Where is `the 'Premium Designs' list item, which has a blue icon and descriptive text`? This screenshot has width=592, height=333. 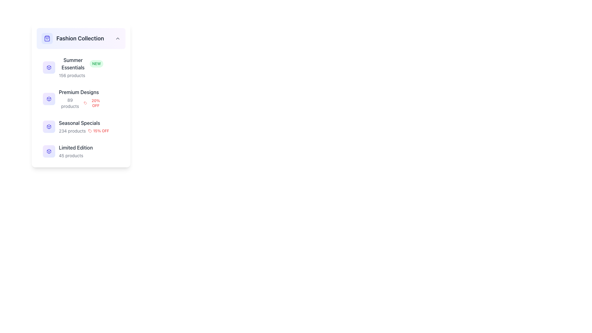 the 'Premium Designs' list item, which has a blue icon and descriptive text is located at coordinates (73, 98).